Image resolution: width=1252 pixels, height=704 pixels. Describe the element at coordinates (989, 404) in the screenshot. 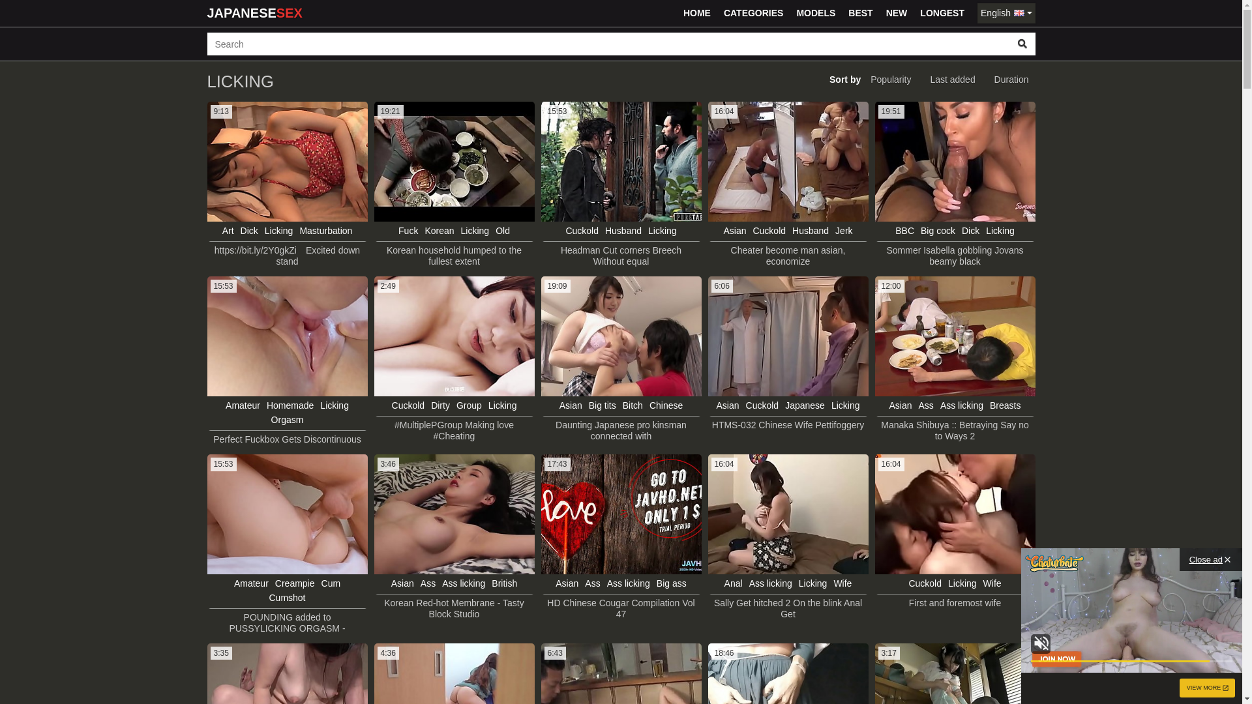

I see `'Breasts'` at that location.